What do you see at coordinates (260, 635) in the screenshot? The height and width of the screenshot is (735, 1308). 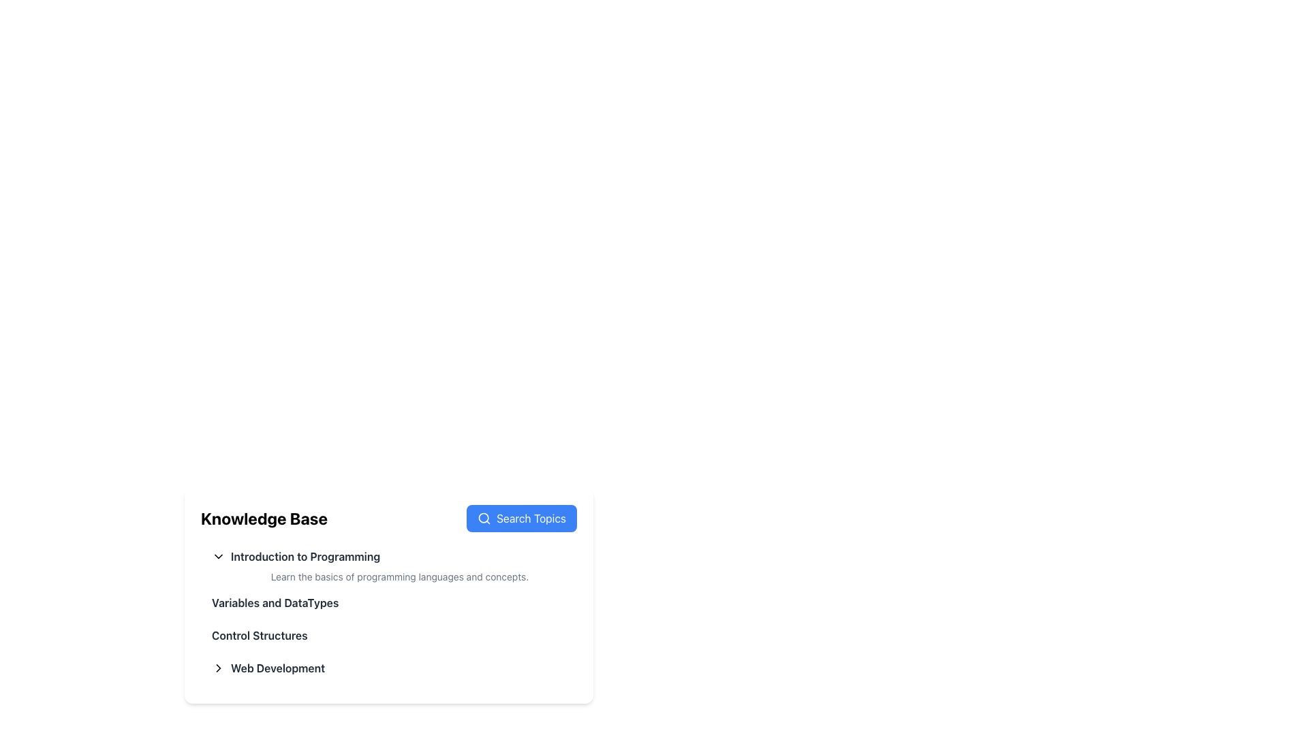 I see `text of the bold label element labeled 'Control Structures', which is positioned under the heading 'Variables and DataTypes' in the 'Knowledge Base' section` at bounding box center [260, 635].